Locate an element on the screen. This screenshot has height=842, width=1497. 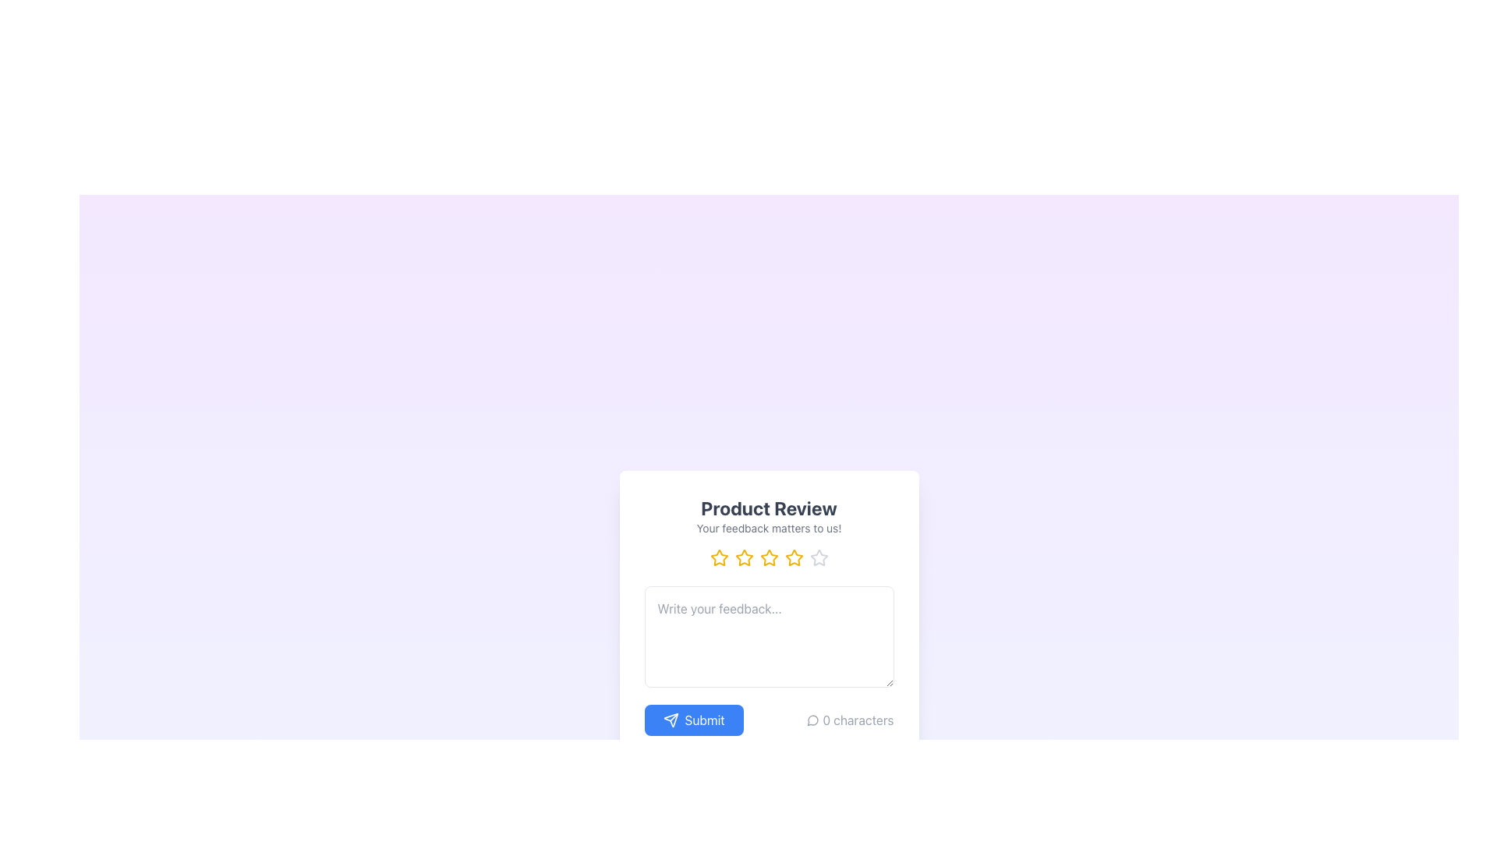
the first star icon button to rate it, located below the text 'Your feedback matters to us!' is located at coordinates (718, 557).